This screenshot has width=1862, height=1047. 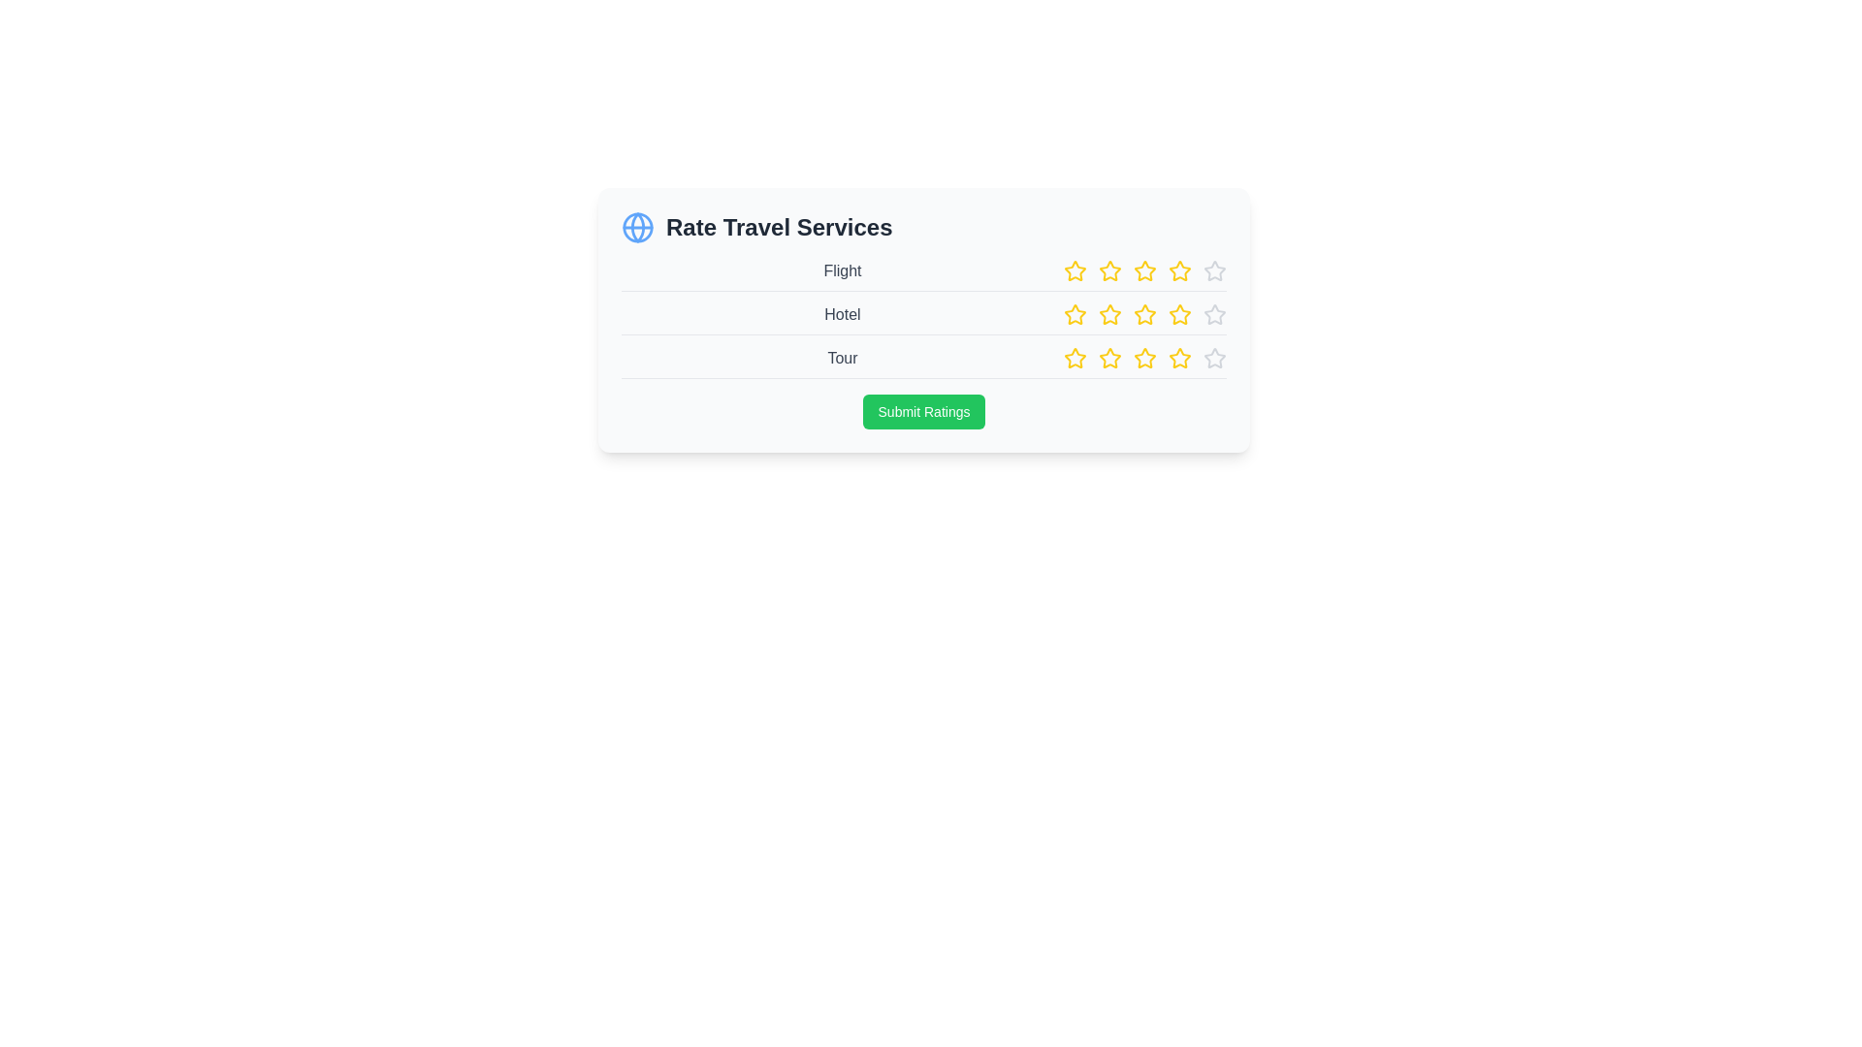 I want to click on the star-shaped button representing the second rating for the 'Hotel' category, so click(x=1074, y=313).